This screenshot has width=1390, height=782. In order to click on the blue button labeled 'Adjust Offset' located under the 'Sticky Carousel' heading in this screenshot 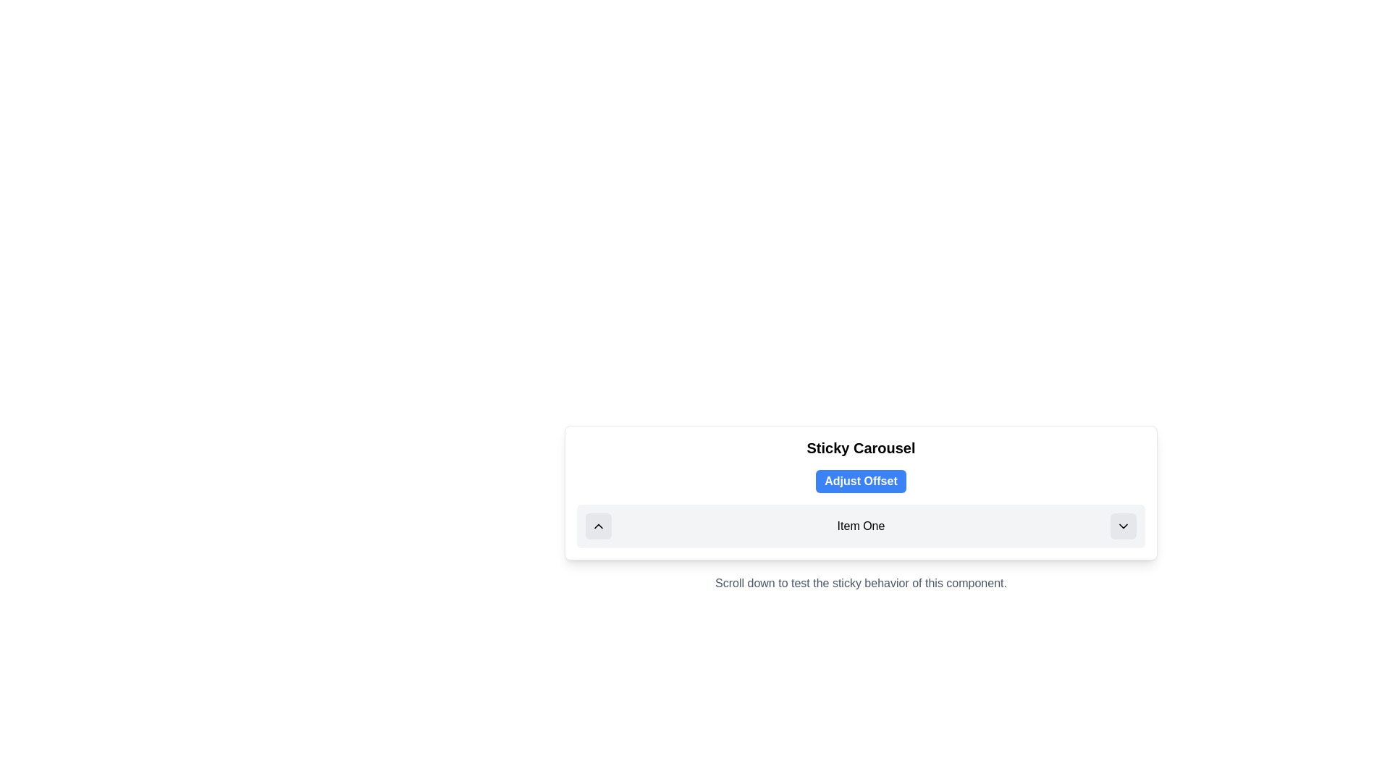, I will do `click(861, 492)`.